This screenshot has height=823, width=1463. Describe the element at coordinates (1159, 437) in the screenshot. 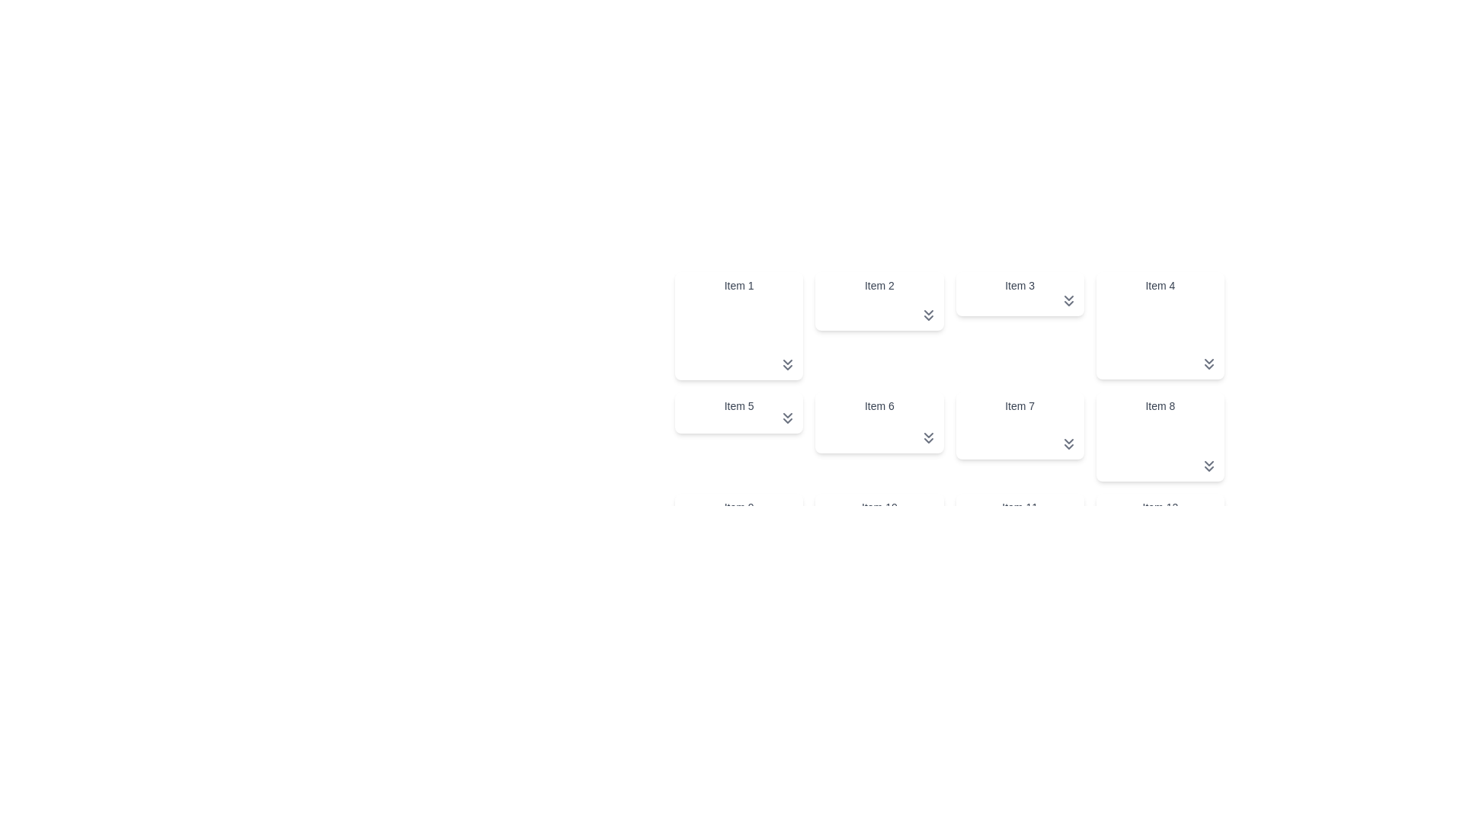

I see `the card item labeled 'Item 8' located in the fourth column of the second row within a grid layout` at that location.